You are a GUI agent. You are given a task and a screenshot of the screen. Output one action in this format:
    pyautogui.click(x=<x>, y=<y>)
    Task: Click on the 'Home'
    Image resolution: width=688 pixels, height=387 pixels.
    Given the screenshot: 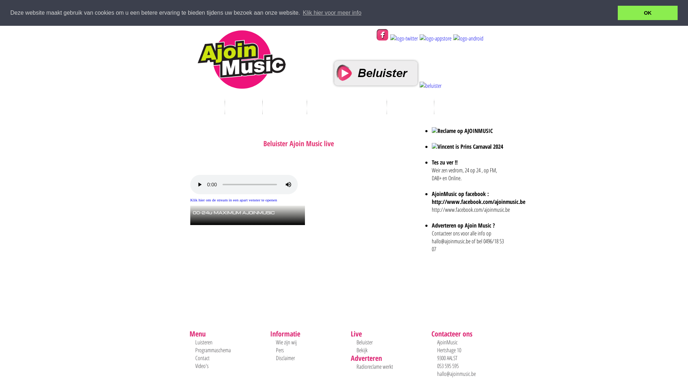 What is the action you would take?
    pyautogui.click(x=205, y=106)
    